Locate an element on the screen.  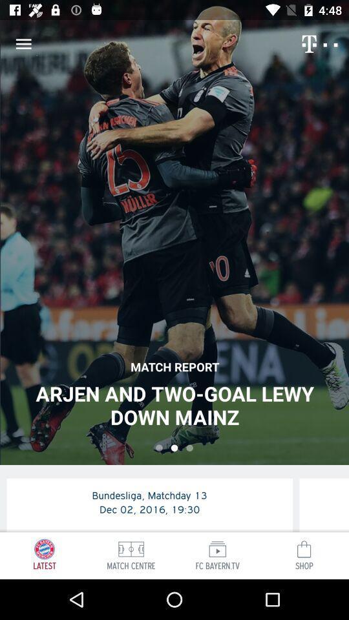
the match centre is located at coordinates (131, 548).